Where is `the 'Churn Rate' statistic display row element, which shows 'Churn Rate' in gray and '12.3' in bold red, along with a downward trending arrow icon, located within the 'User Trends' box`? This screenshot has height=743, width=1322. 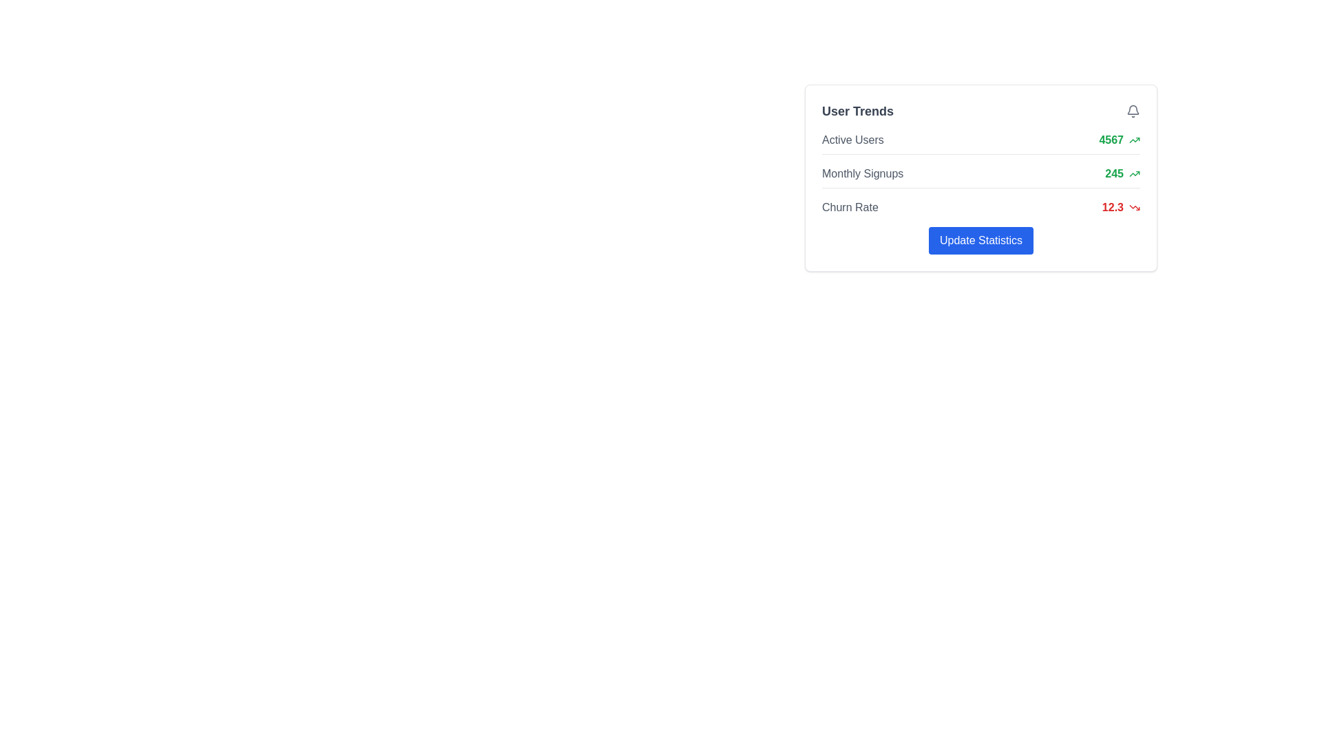 the 'Churn Rate' statistic display row element, which shows 'Churn Rate' in gray and '12.3' in bold red, along with a downward trending arrow icon, located within the 'User Trends' box is located at coordinates (980, 207).